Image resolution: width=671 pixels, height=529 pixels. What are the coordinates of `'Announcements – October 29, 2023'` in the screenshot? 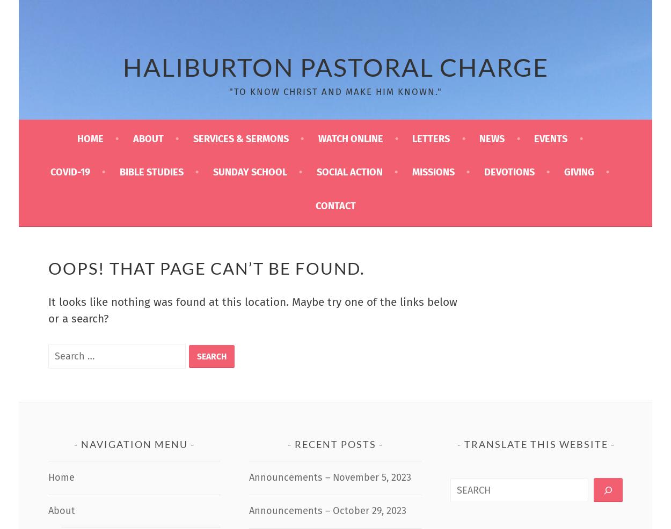 It's located at (248, 510).